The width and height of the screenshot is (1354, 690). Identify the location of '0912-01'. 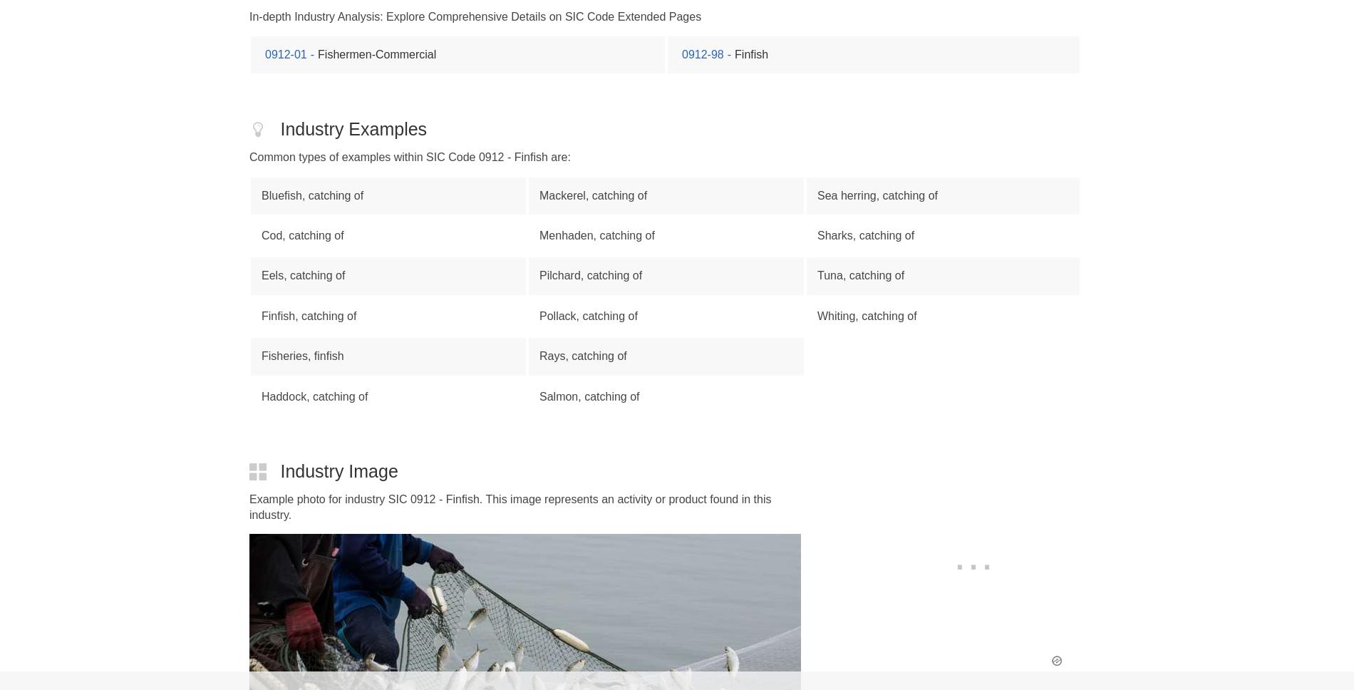
(285, 53).